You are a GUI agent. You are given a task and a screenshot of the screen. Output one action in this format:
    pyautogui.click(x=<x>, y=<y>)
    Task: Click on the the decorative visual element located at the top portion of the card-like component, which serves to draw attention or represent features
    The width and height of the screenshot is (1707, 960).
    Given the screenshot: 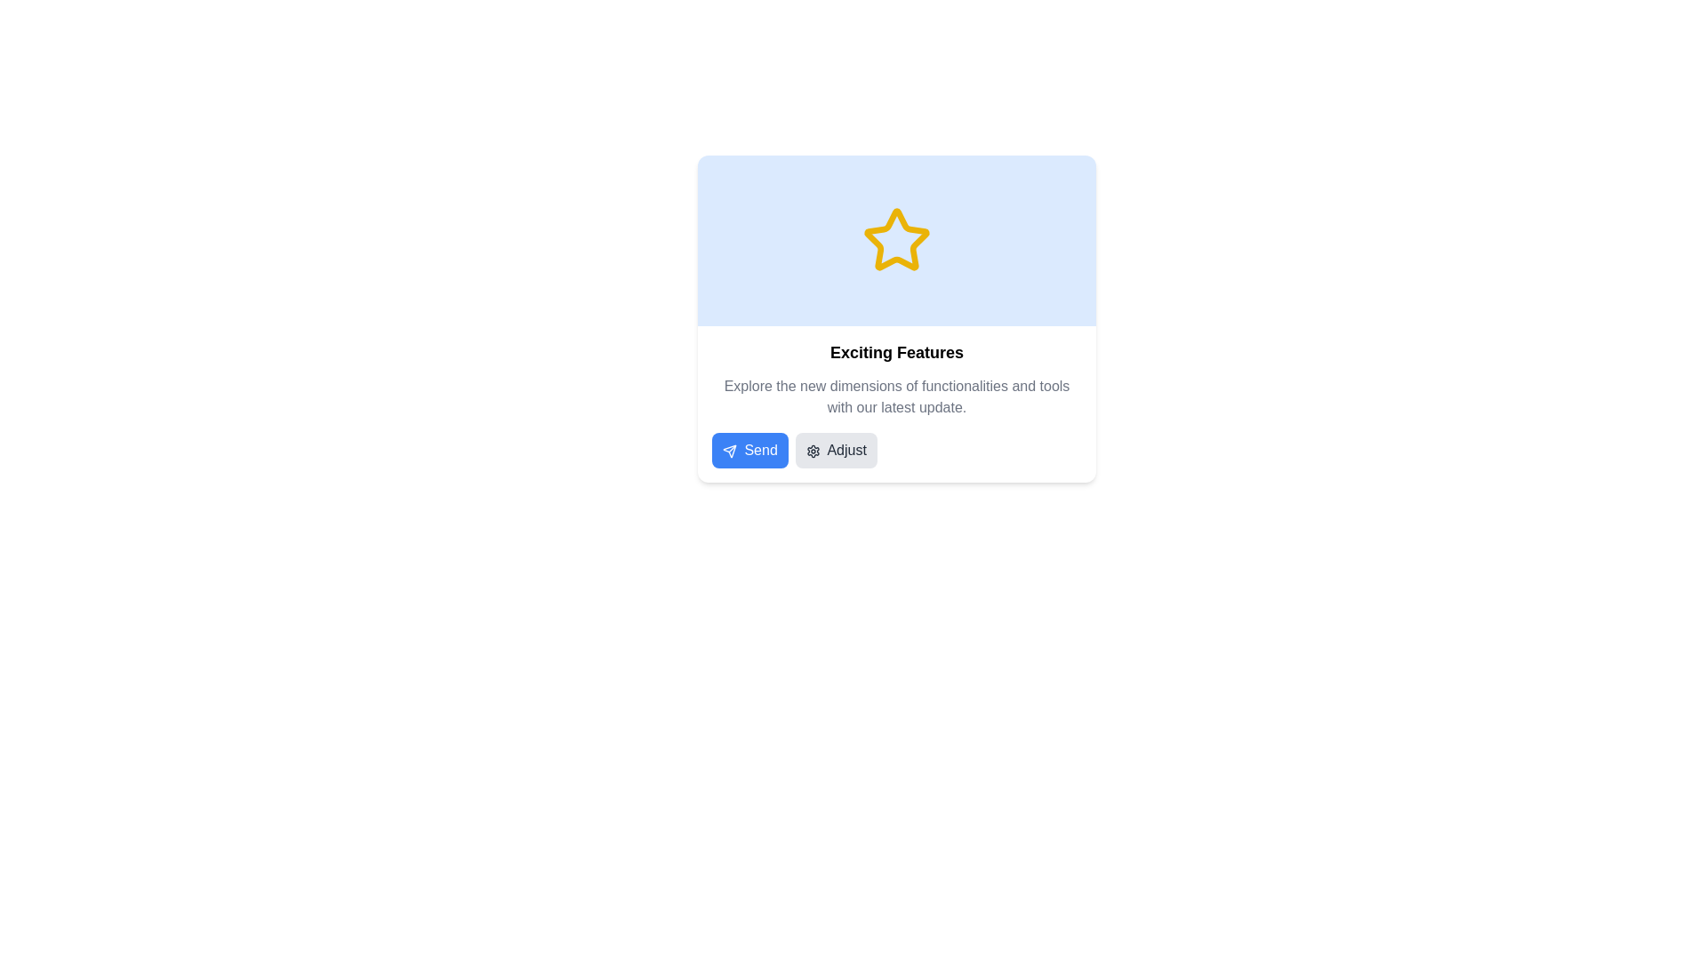 What is the action you would take?
    pyautogui.click(x=896, y=240)
    